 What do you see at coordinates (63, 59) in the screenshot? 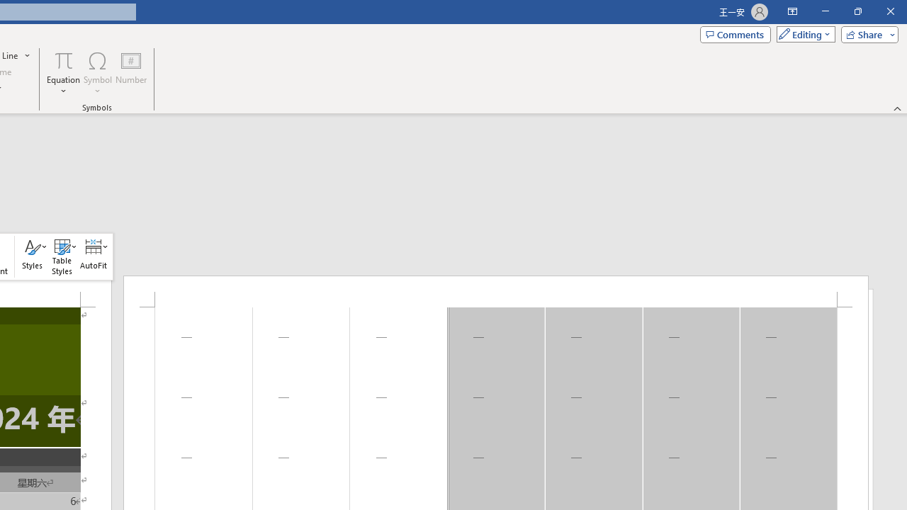
I see `'Equation'` at bounding box center [63, 59].